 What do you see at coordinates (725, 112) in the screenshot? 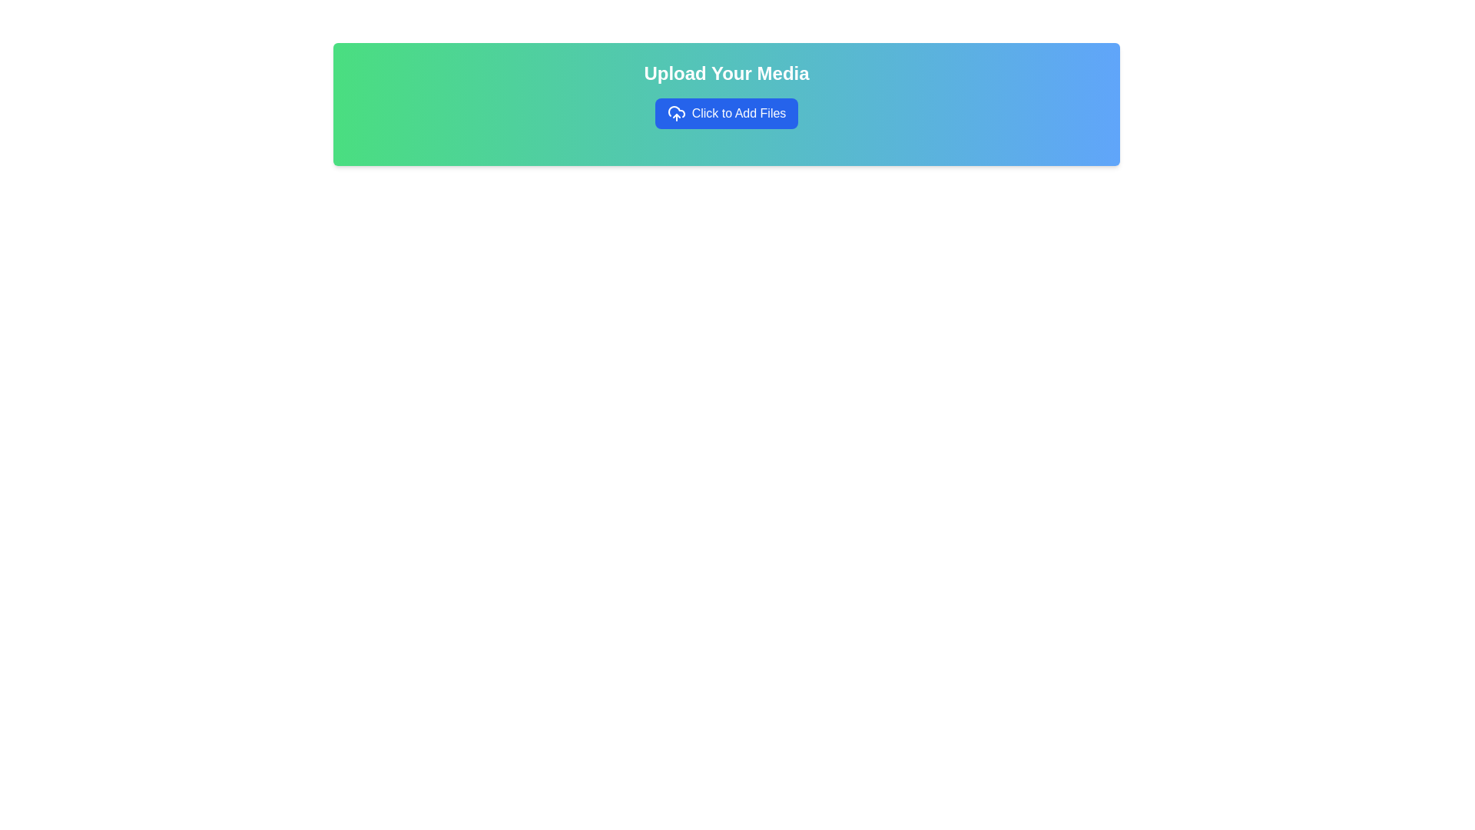
I see `the file upload button located below the title 'Upload Your Media', which is a gradient-styled button with rounded corners` at bounding box center [725, 112].